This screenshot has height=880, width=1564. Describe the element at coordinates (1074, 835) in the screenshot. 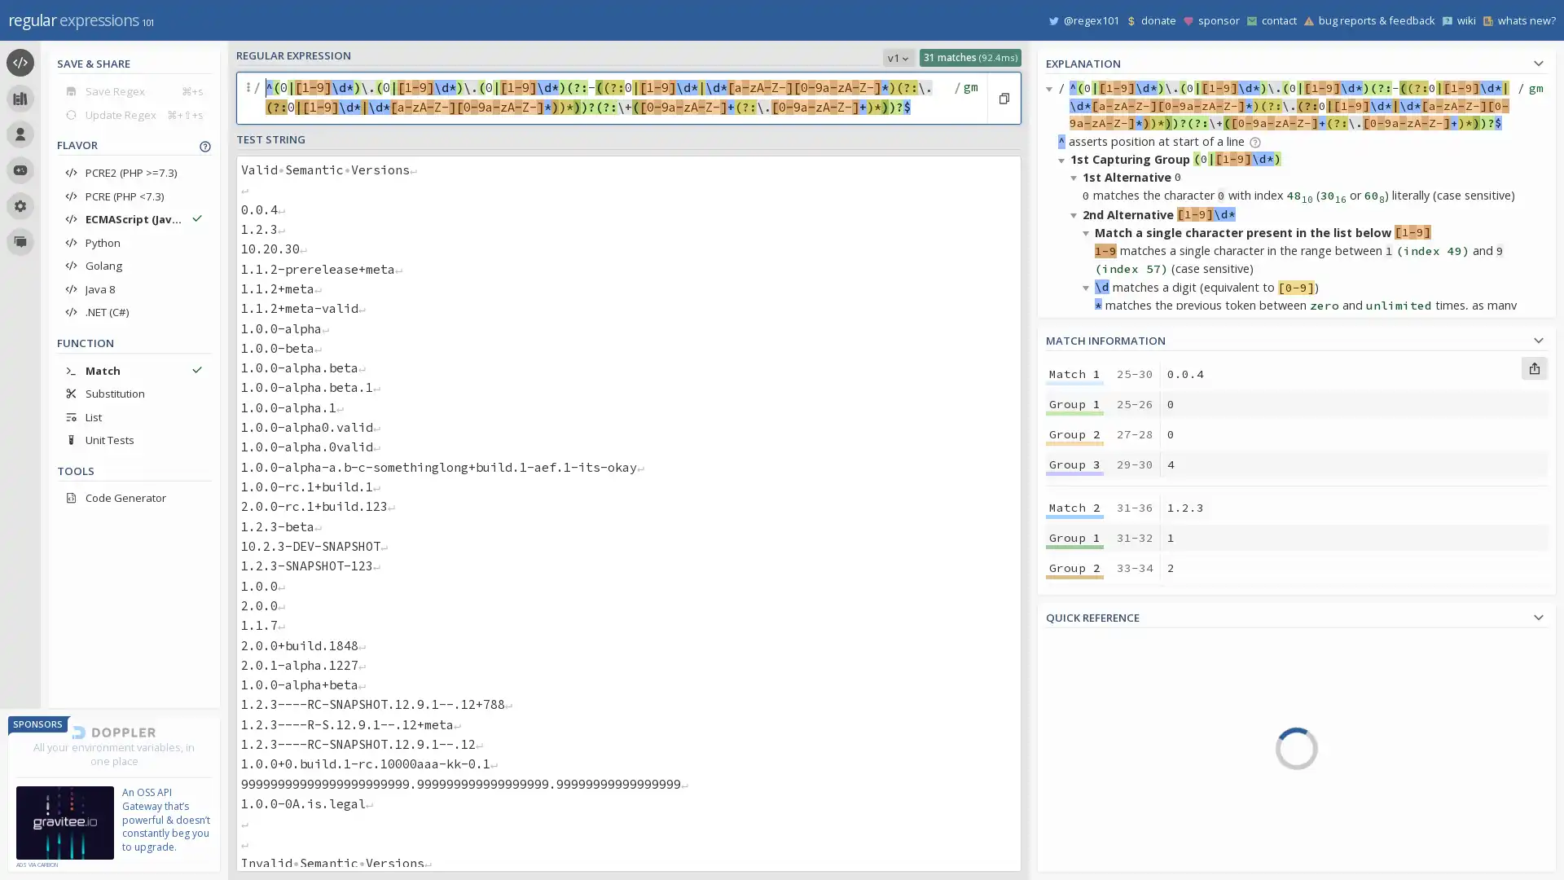

I see `Group 2` at that location.